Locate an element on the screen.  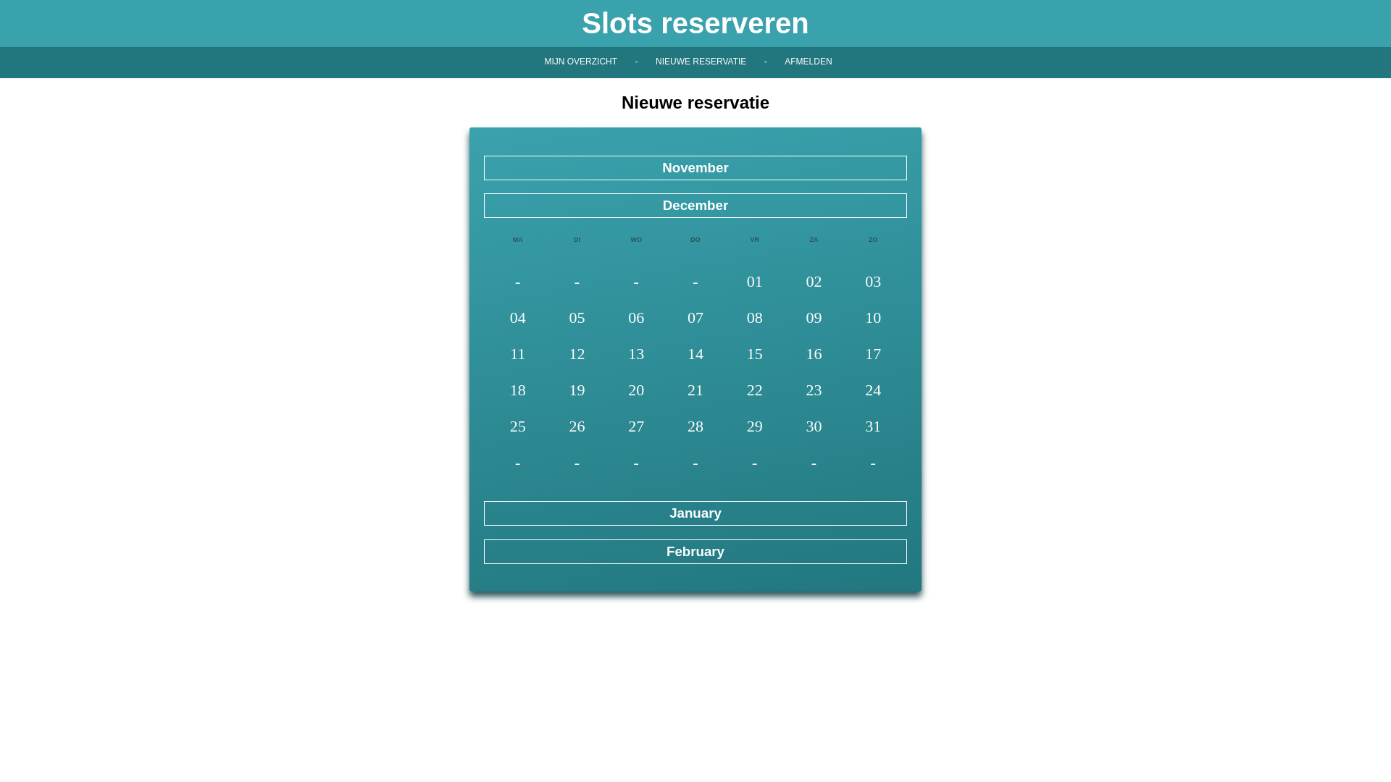
'31' is located at coordinates (872, 426).